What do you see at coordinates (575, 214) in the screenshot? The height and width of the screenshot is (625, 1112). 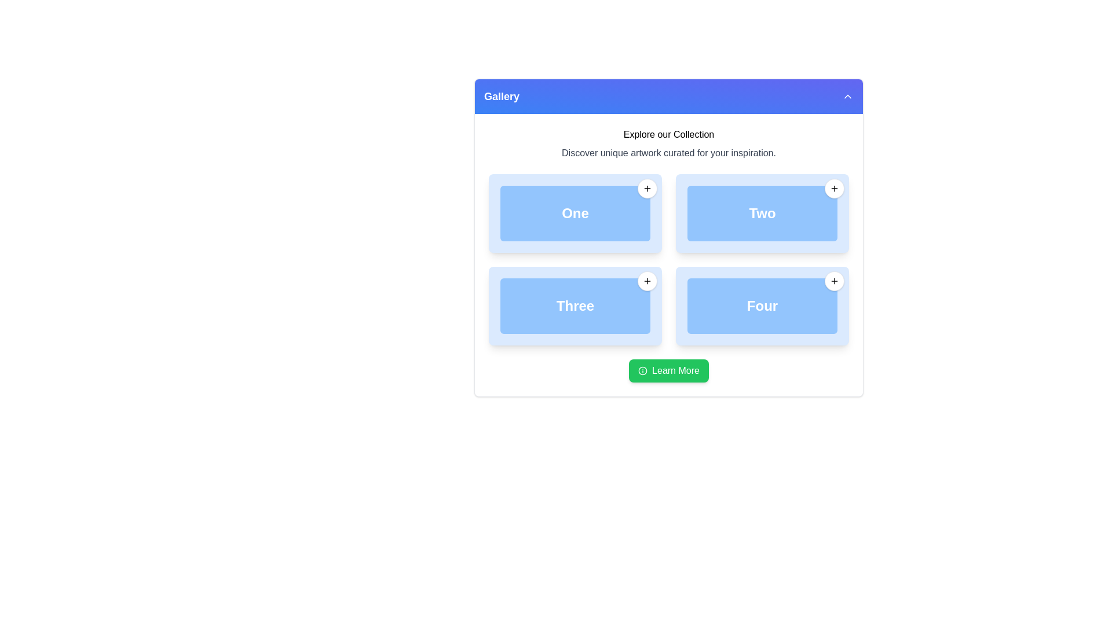 I see `the interactive button labeled 'One'` at bounding box center [575, 214].